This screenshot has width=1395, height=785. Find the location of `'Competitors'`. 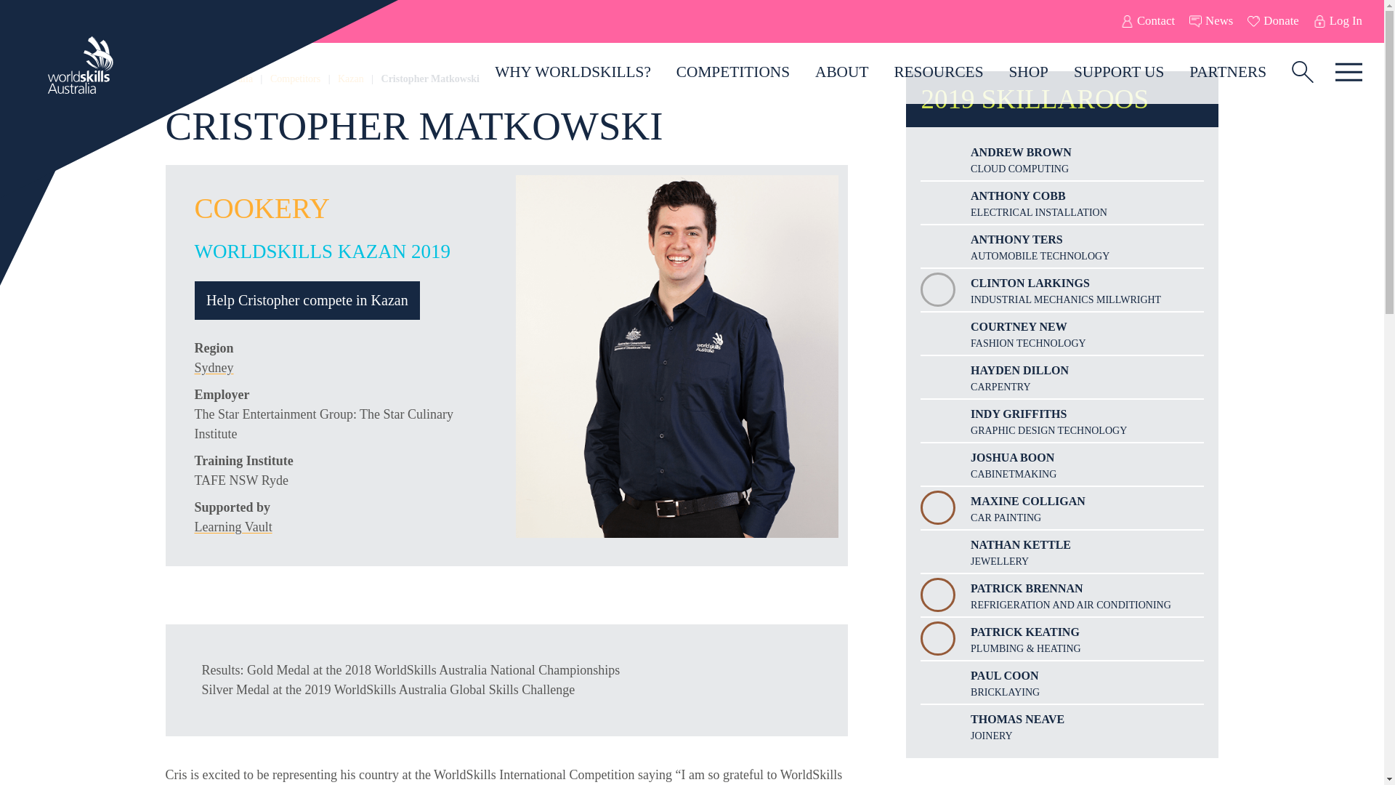

'Competitors' is located at coordinates (270, 78).